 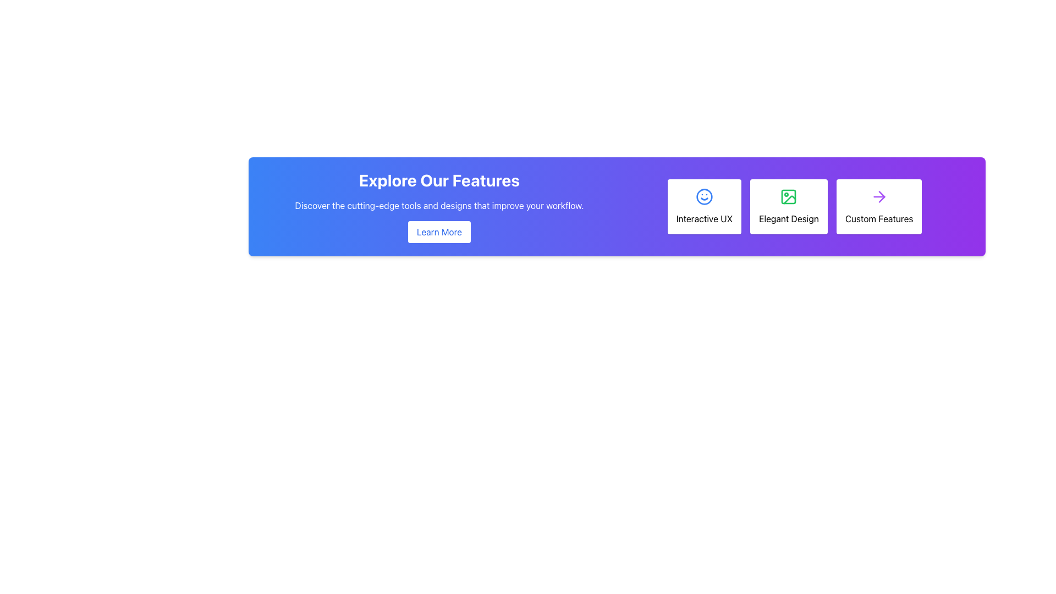 What do you see at coordinates (878, 206) in the screenshot?
I see `the Informational card featuring a white background, rounded corners, a purple arrow icon, and the text 'Custom Features', which is centrally aligned within the 'Explore Our Features' section` at bounding box center [878, 206].